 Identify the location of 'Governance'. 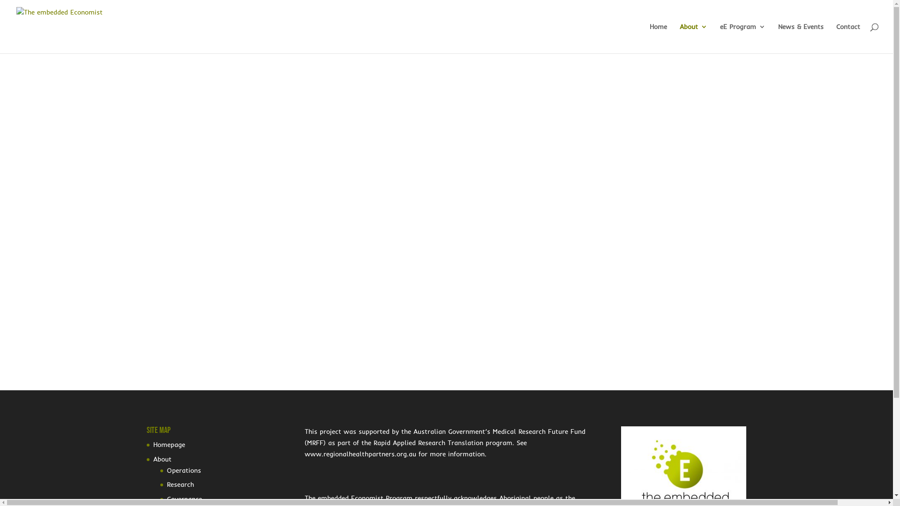
(166, 498).